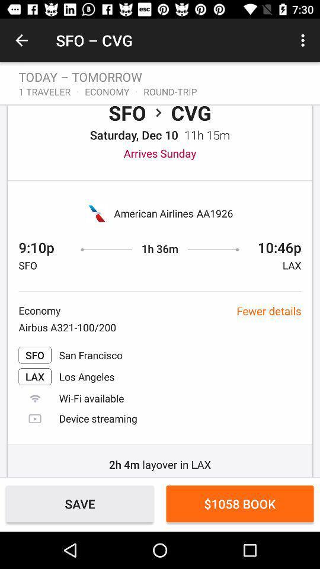  Describe the element at coordinates (80, 503) in the screenshot. I see `save icon` at that location.